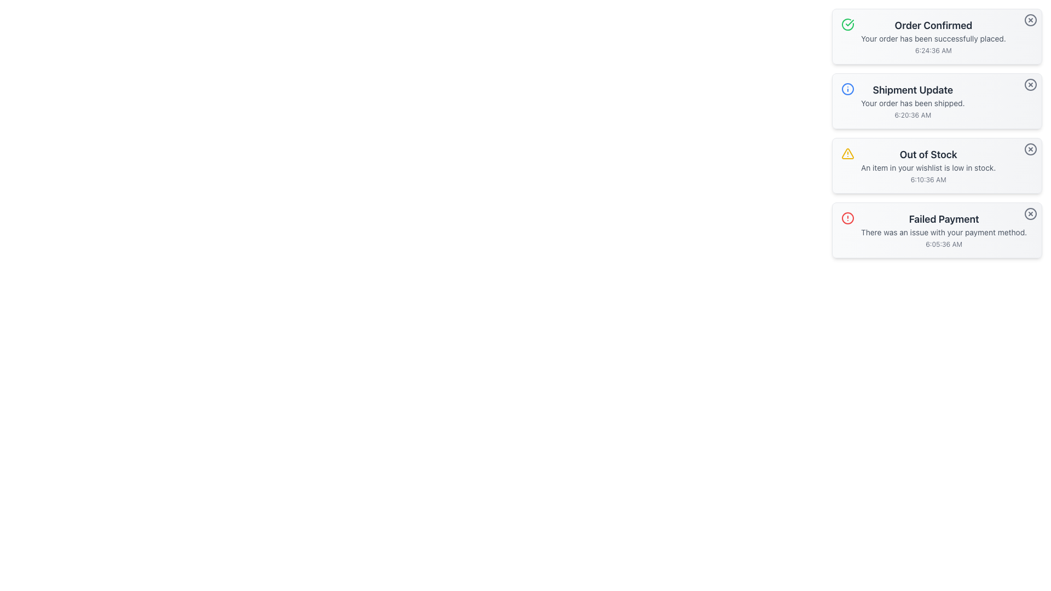  I want to click on the circular close-button icon located at the top-right corner of the 'Order Confirmed' notification card, so click(1030, 20).